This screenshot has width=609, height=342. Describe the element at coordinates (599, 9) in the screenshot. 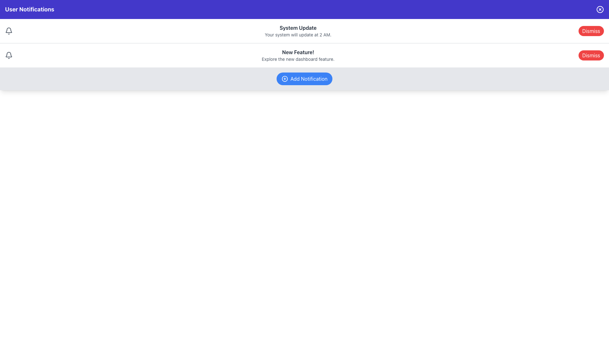

I see `the circular close button with an 'X' at the top-right corner of the 'User Notifications' header bar` at that location.